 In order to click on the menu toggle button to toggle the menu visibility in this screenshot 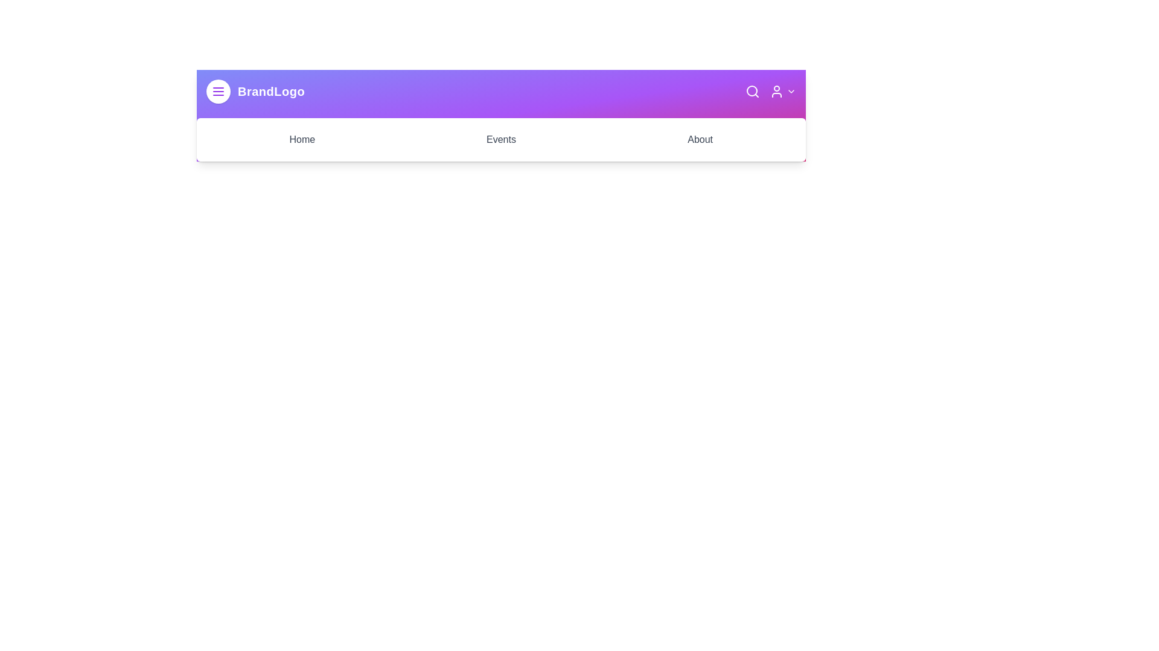, I will do `click(218, 90)`.